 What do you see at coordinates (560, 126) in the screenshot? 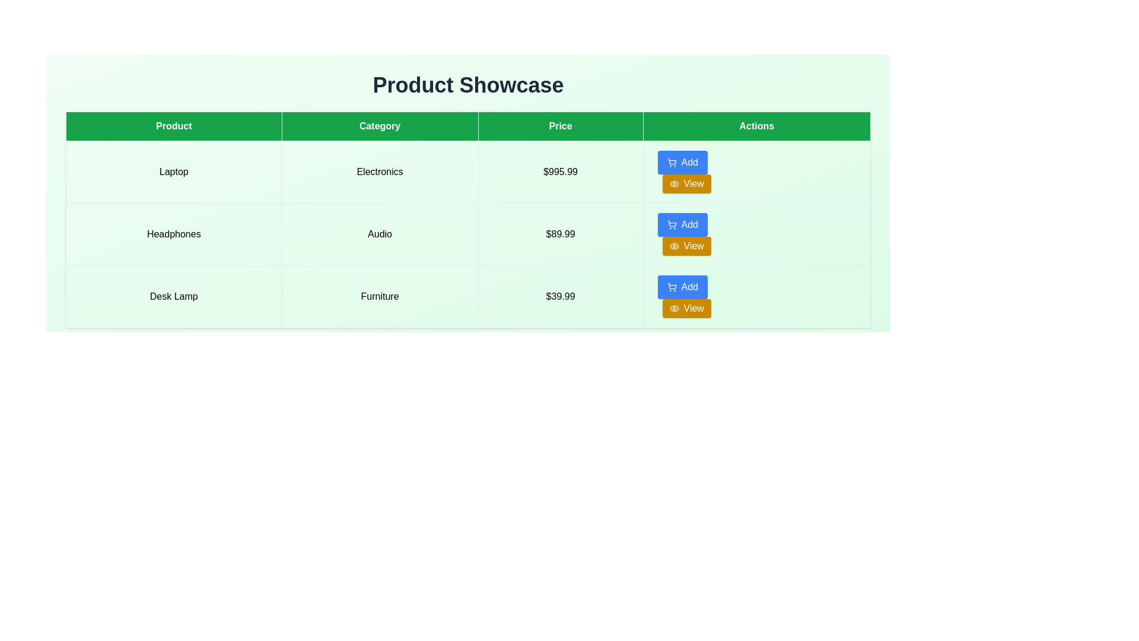
I see `the 'Price' Table Header, which has a green background and white text, located in the topmost row of the table, third from the left` at bounding box center [560, 126].